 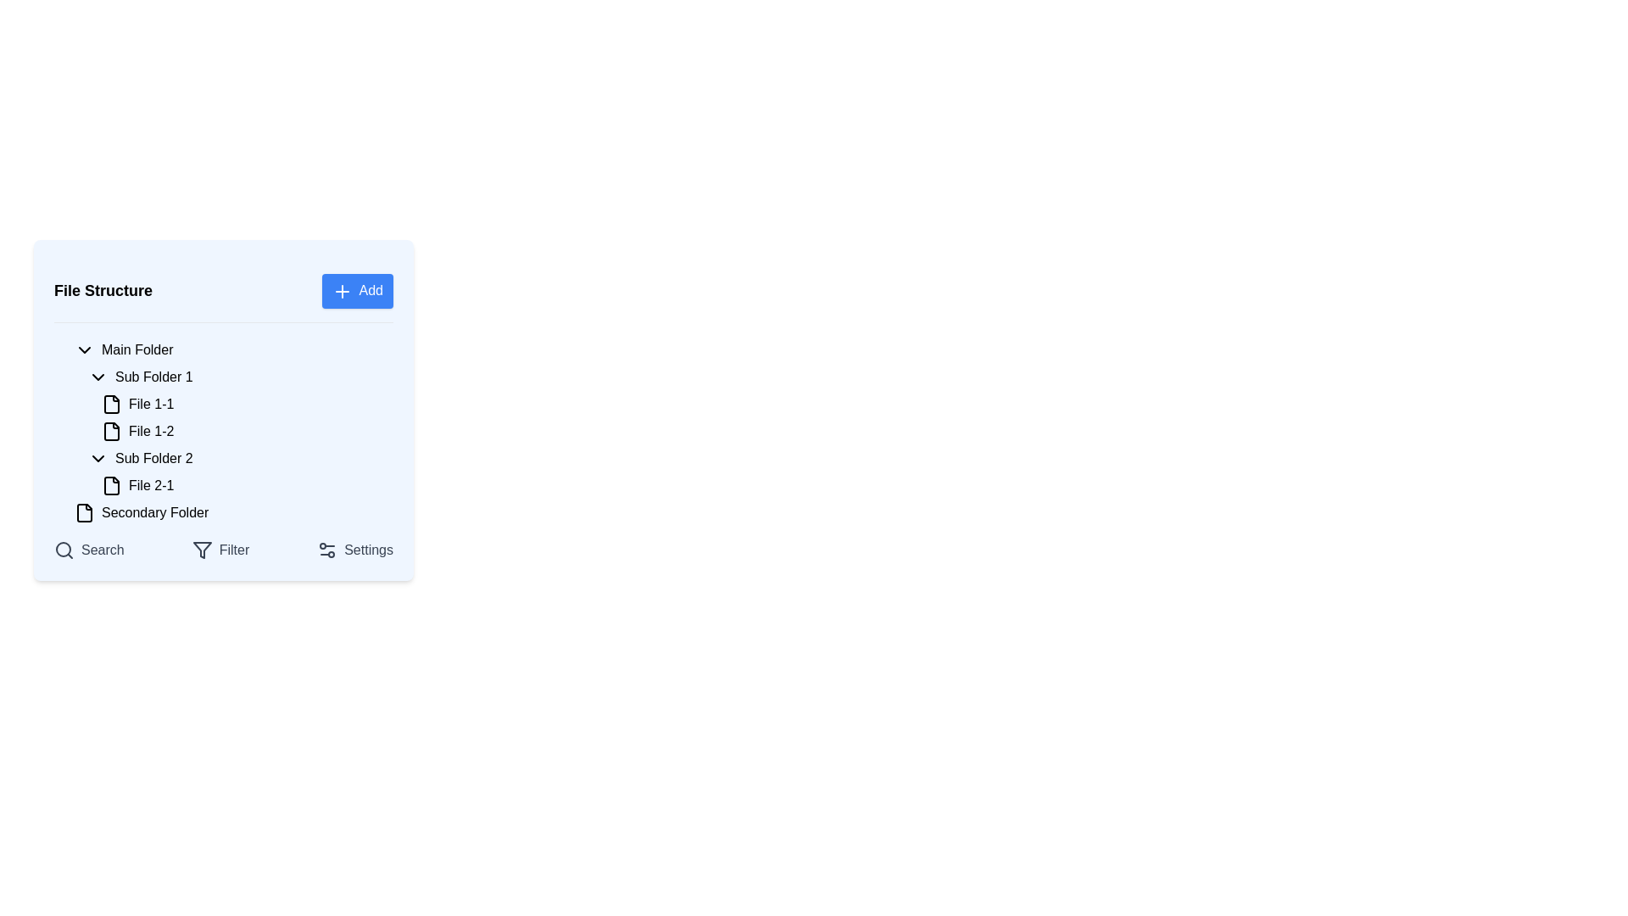 What do you see at coordinates (137, 349) in the screenshot?
I see `the 'Main Folder' text label, which is the first-level item` at bounding box center [137, 349].